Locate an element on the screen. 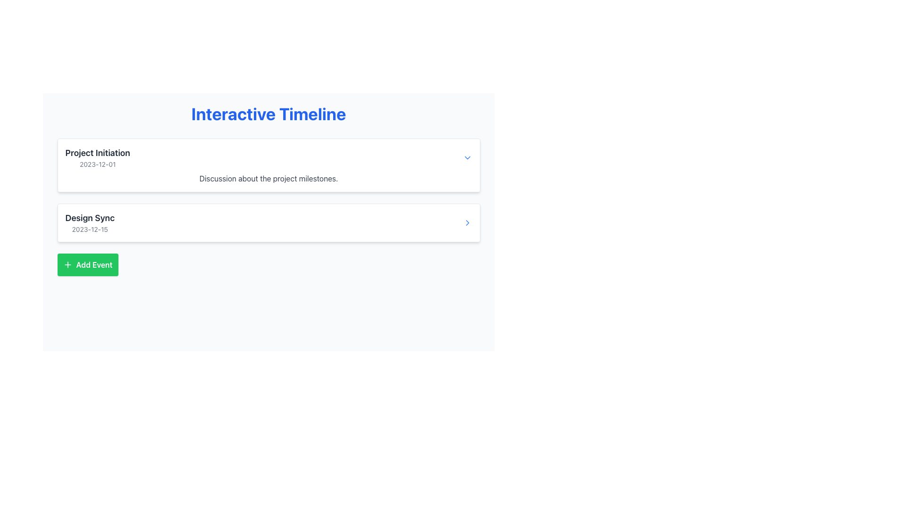 This screenshot has width=906, height=509. the text label displaying the date '2023-12-15', which is styled in a smaller light gray font and positioned beneath the bold title 'Design Sync' within a timeline card interface is located at coordinates (90, 229).